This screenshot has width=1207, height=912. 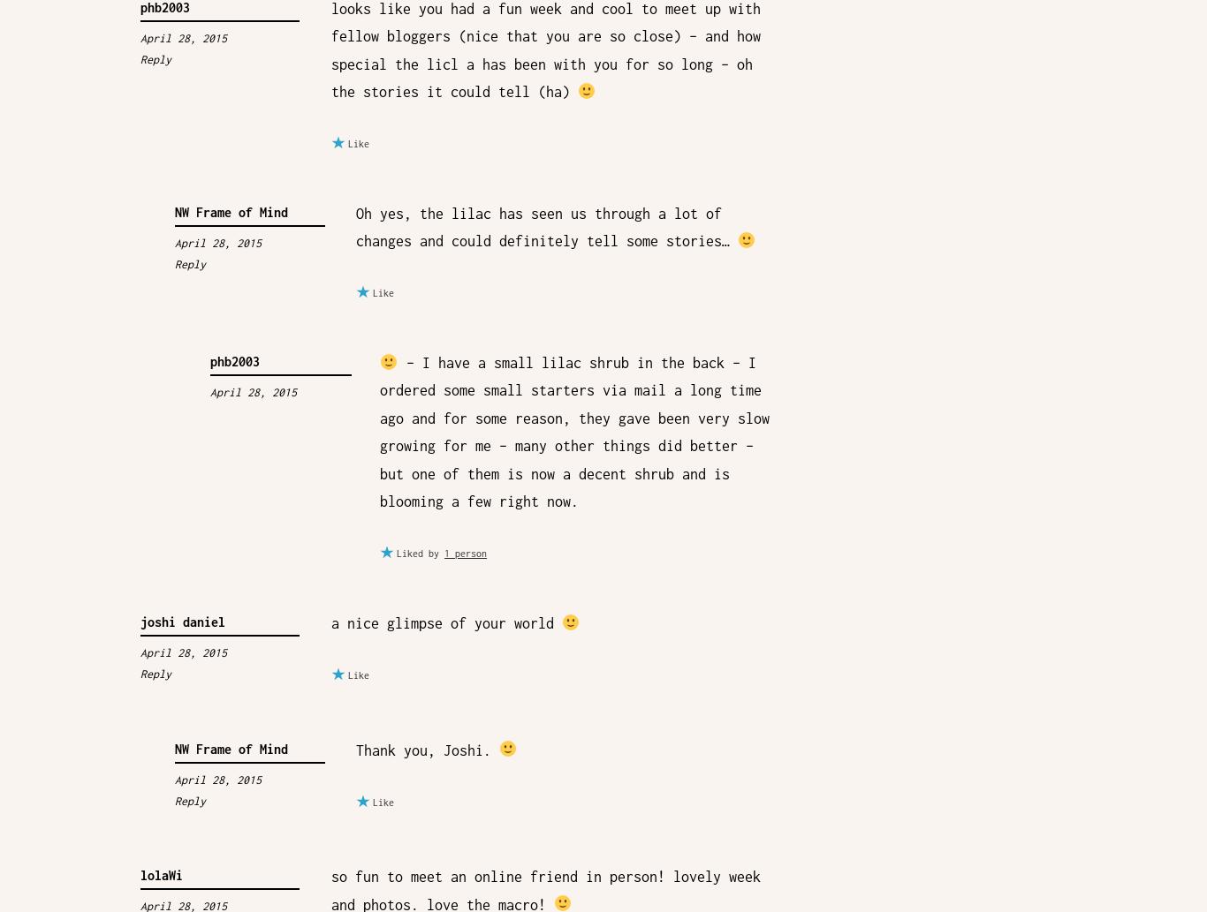 I want to click on 'looks like you had a fun week and cool to meet up with fellow bloggers (nice that you are so close) – and how special the licl a has been with you for so long – oh the stories it could tell (ha)', so click(x=544, y=49).